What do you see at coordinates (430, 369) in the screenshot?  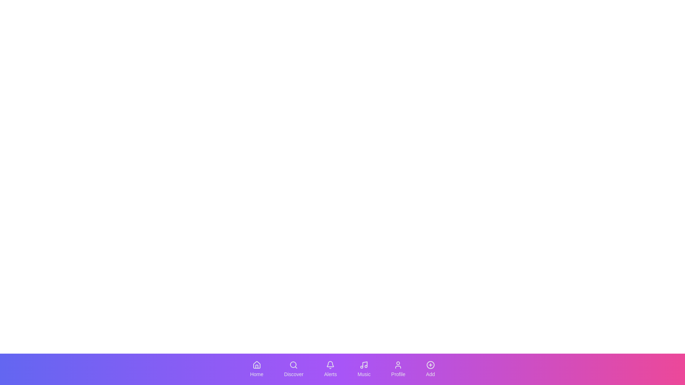 I see `the navigation button corresponding to Add` at bounding box center [430, 369].